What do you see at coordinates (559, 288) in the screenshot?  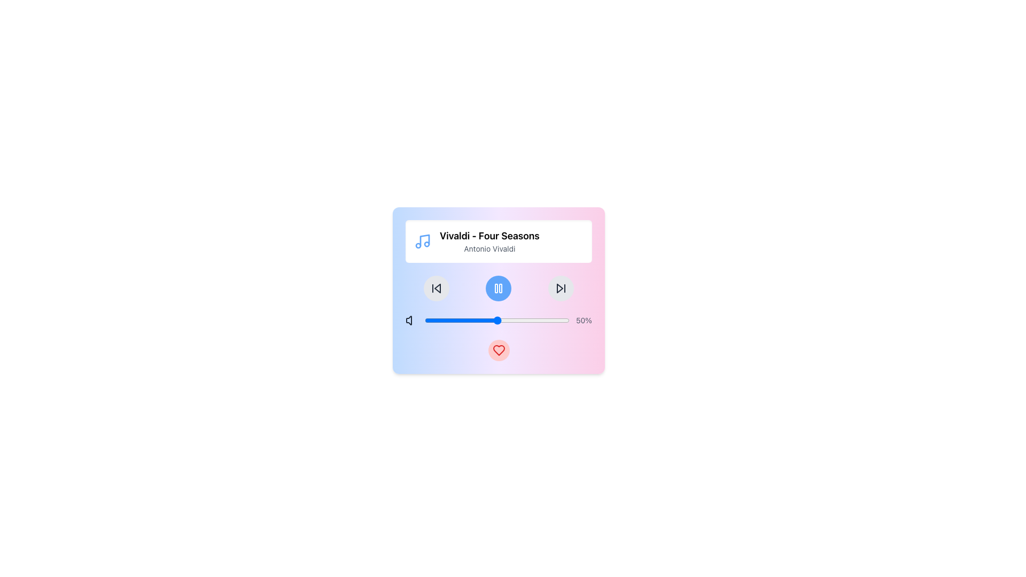 I see `the 'Next' button, which is a triangular element located on the right side of the music player control panel, third from the left among a row of circular buttons, to skip to the next media item` at bounding box center [559, 288].